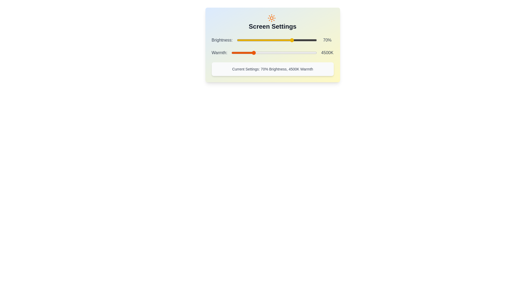 The image size is (505, 284). What do you see at coordinates (315, 53) in the screenshot?
I see `the Warmth slider to set the warmth to 8910 K` at bounding box center [315, 53].